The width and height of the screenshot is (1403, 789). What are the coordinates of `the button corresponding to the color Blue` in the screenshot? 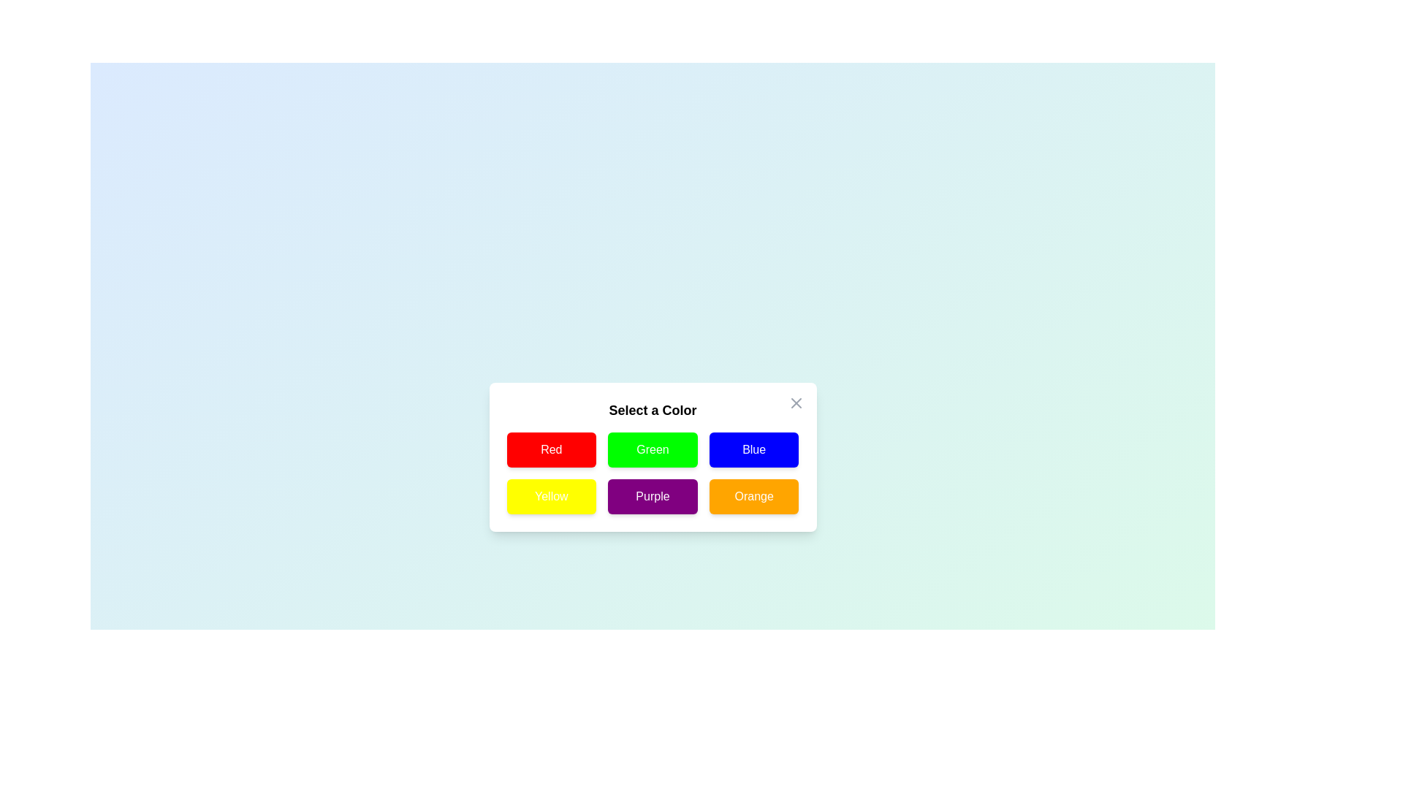 It's located at (754, 449).